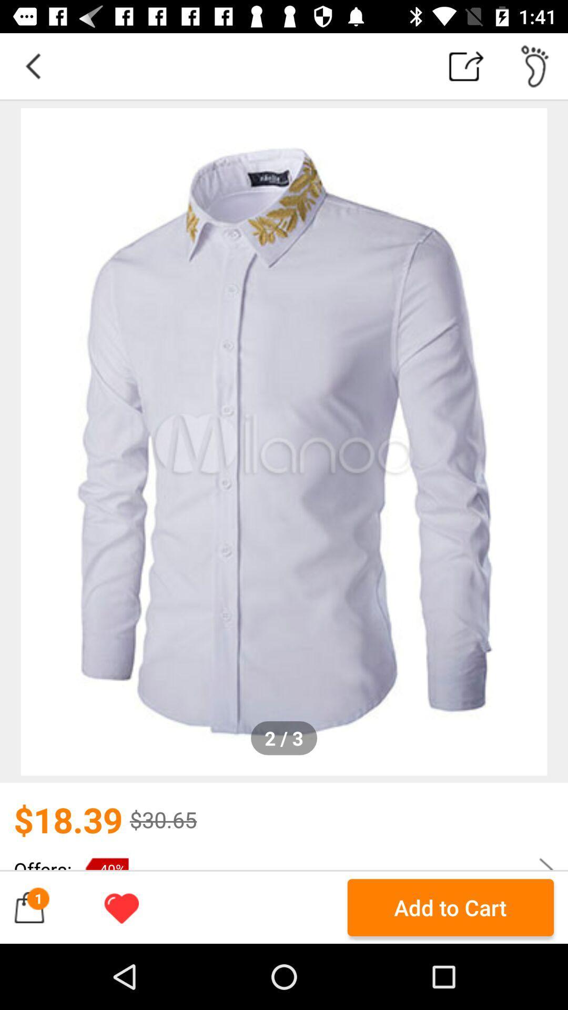  What do you see at coordinates (121, 907) in the screenshot?
I see `on/off for favoriting this product` at bounding box center [121, 907].